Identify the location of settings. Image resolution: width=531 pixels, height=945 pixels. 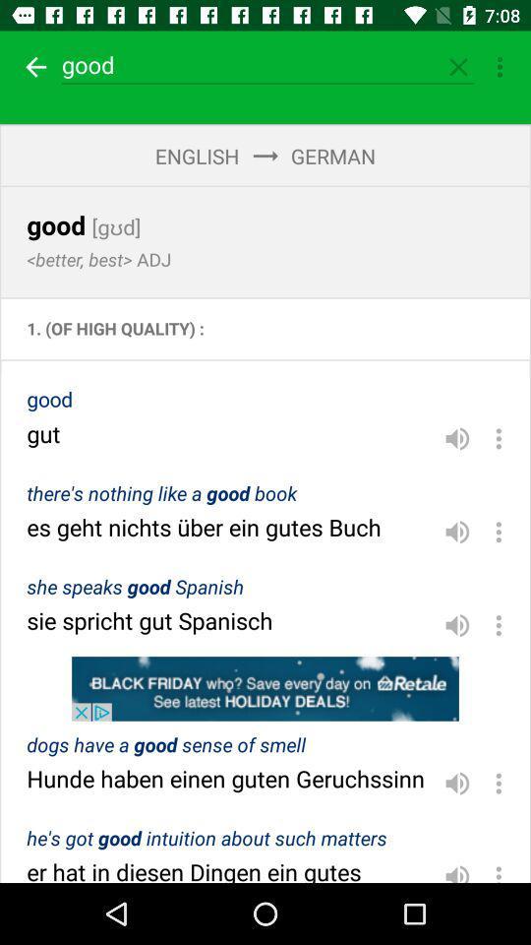
(499, 438).